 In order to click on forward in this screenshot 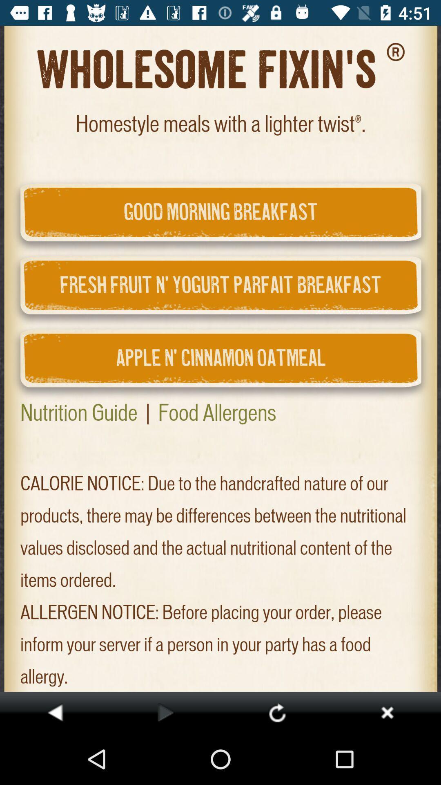, I will do `click(165, 712)`.